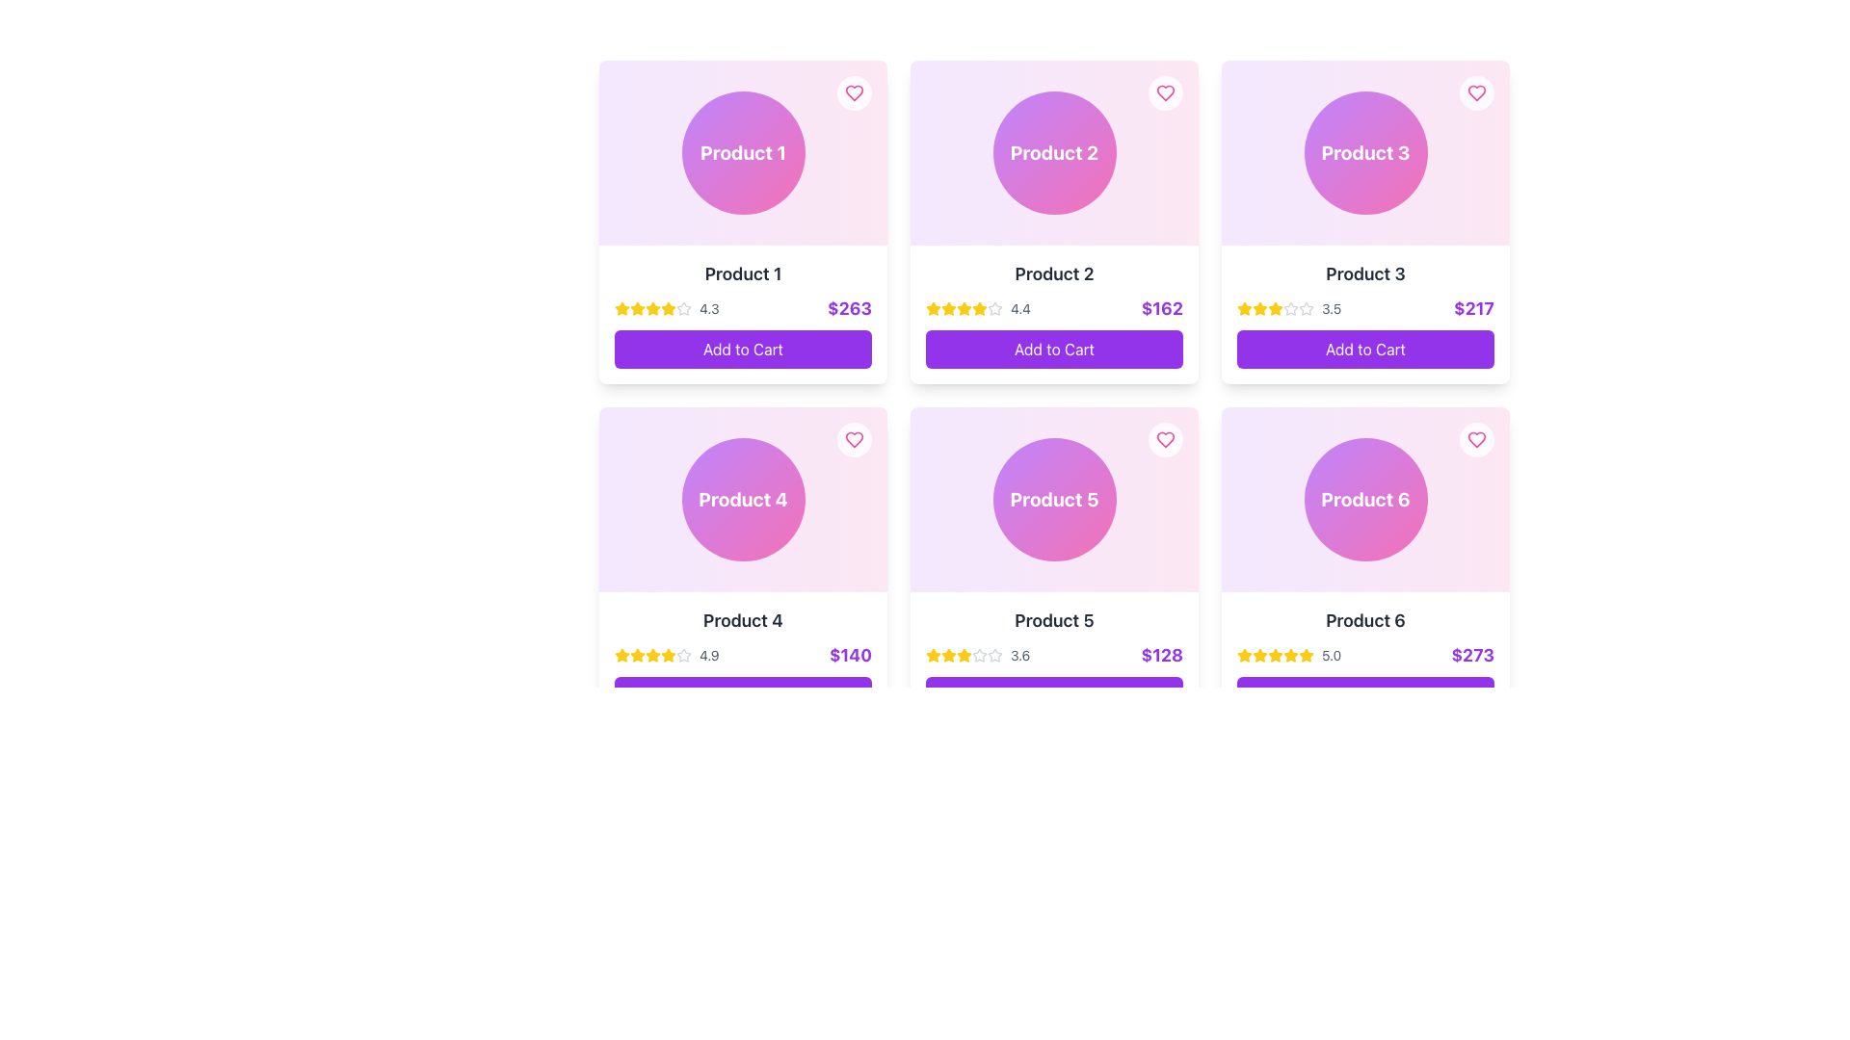  What do you see at coordinates (1164, 92) in the screenshot?
I see `the heart icon button with a pink outline located in the top-right corner of the 'Product 2' card` at bounding box center [1164, 92].